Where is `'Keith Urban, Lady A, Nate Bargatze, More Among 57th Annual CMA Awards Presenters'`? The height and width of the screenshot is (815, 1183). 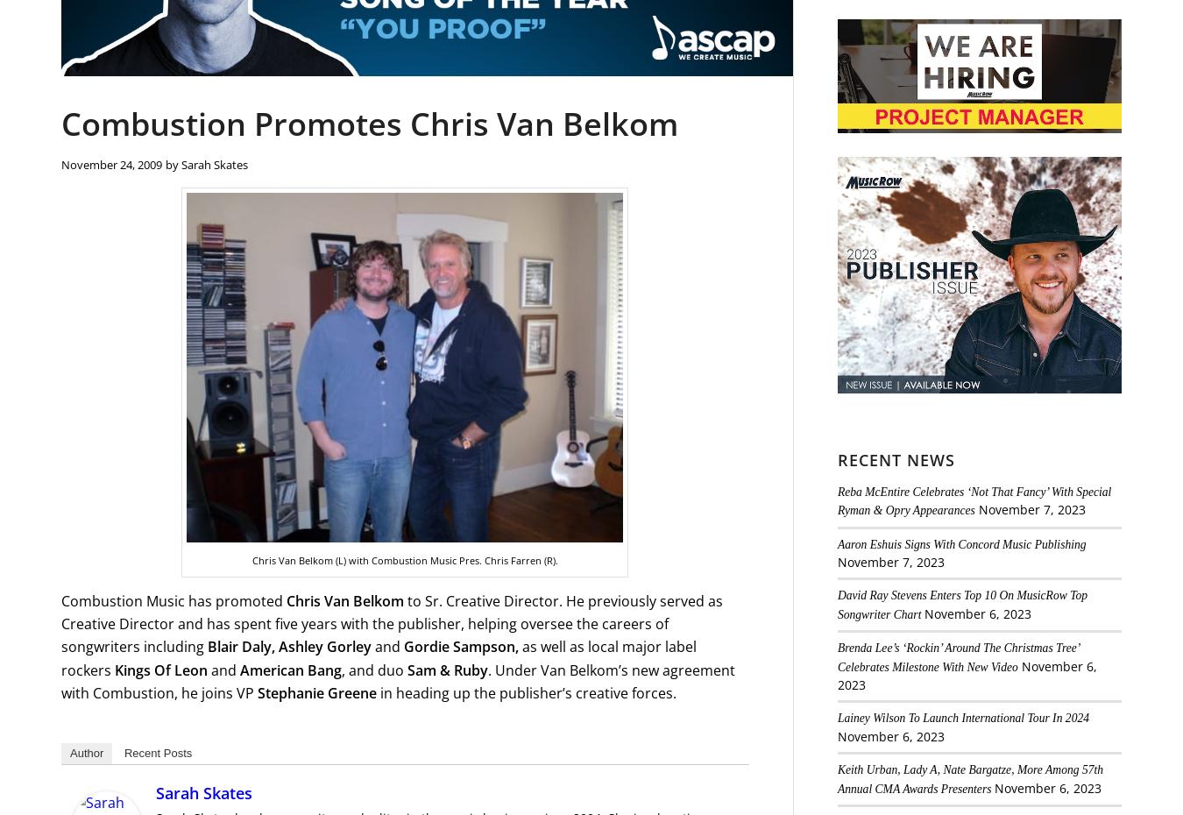 'Keith Urban, Lady A, Nate Bargatze, More Among 57th Annual CMA Awards Presenters' is located at coordinates (970, 778).